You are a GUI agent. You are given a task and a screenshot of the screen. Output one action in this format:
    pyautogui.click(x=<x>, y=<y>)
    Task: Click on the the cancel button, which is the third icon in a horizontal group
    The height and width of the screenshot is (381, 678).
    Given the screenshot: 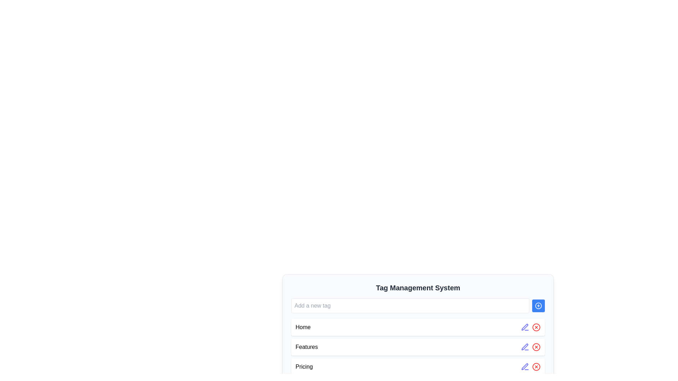 What is the action you would take?
    pyautogui.click(x=536, y=367)
    